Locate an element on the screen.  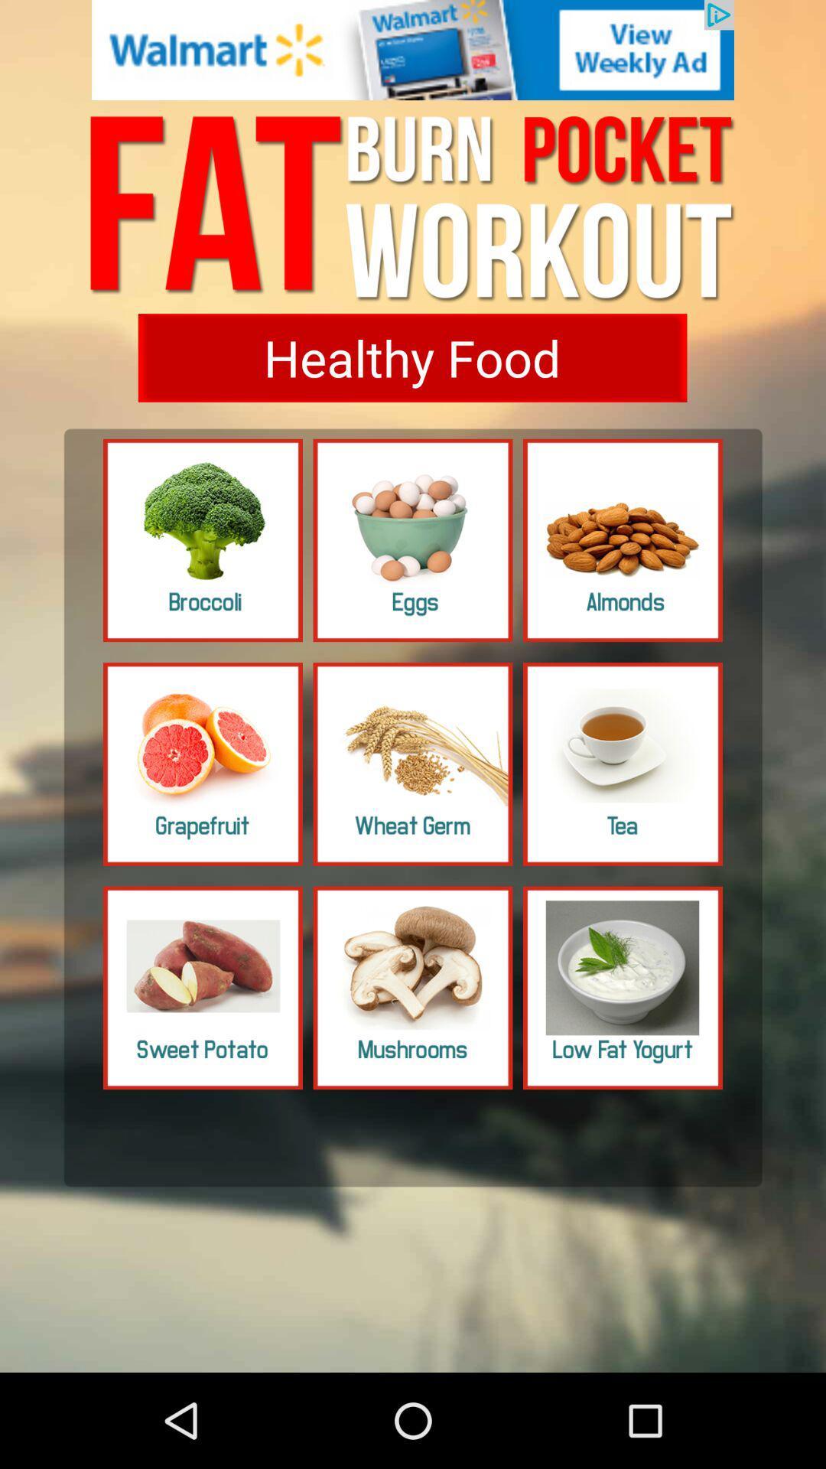
choose mushroom is located at coordinates (413, 988).